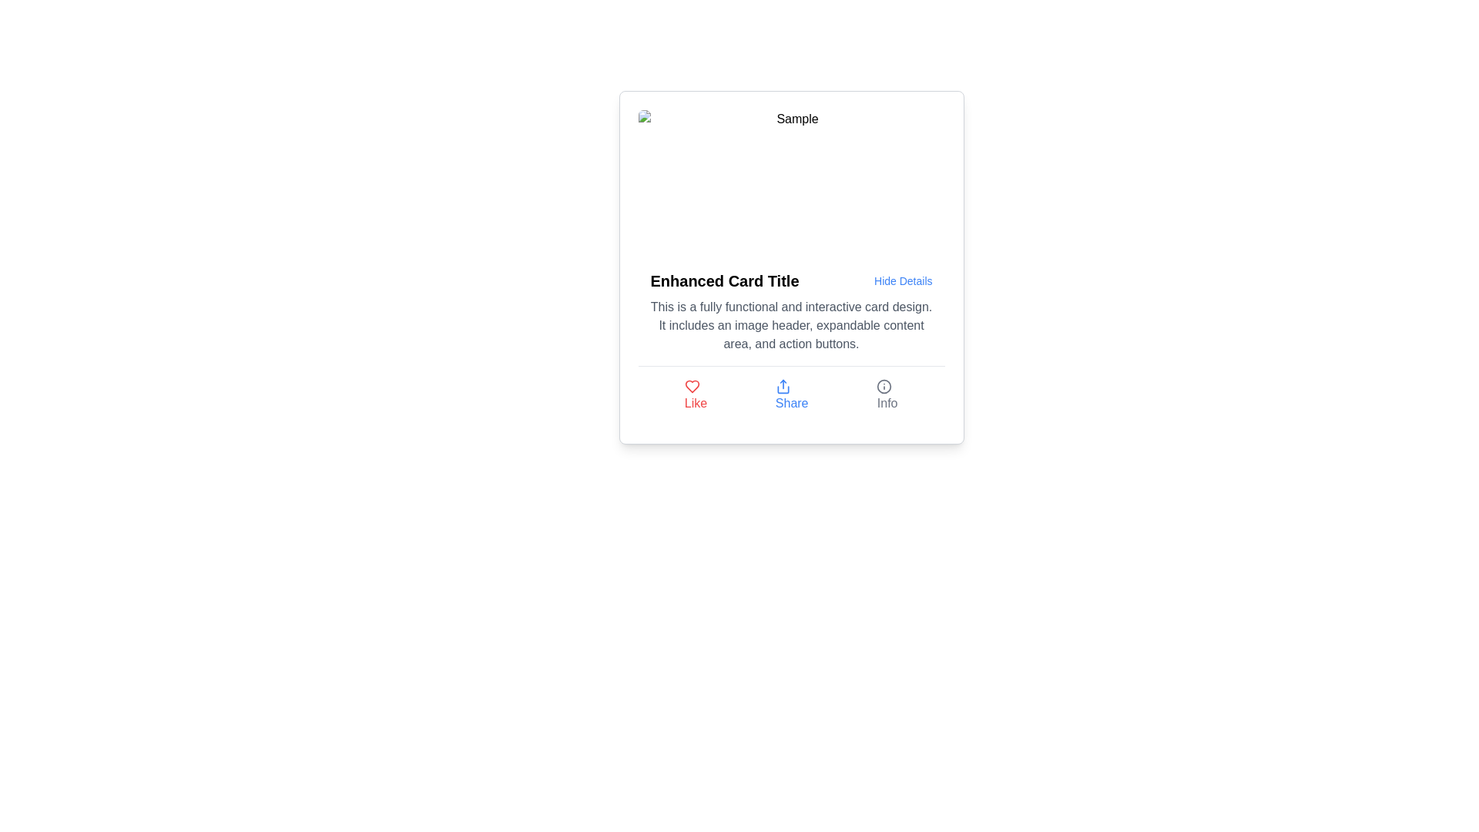  I want to click on the 'like' icon located at the bottom left of the card component, which serves as a visual indicator for a 'like' action, so click(691, 385).